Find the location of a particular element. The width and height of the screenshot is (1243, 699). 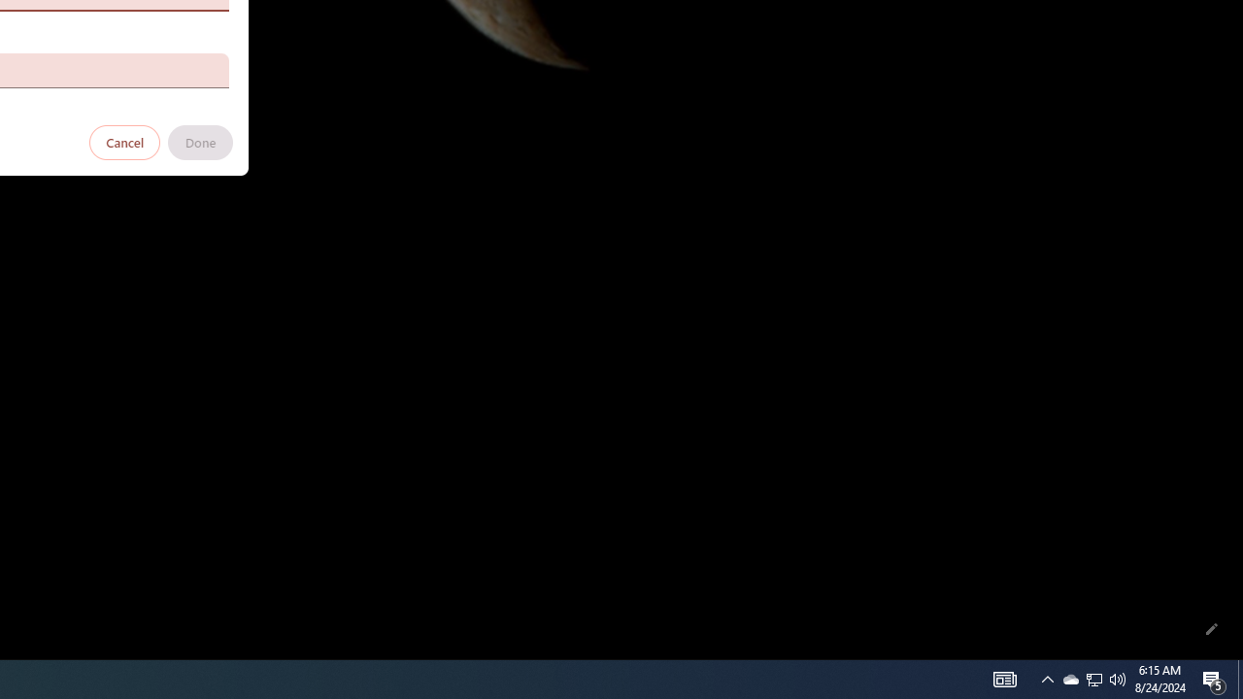

'Done' is located at coordinates (200, 141).